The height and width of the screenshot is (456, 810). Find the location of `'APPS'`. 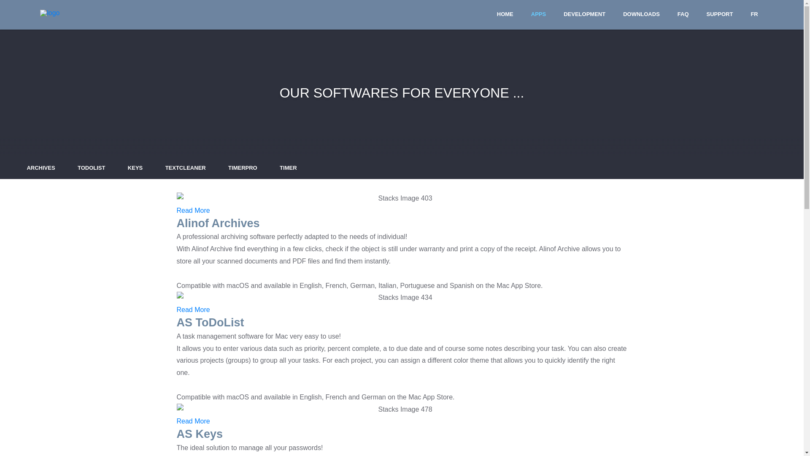

'APPS' is located at coordinates (525, 14).